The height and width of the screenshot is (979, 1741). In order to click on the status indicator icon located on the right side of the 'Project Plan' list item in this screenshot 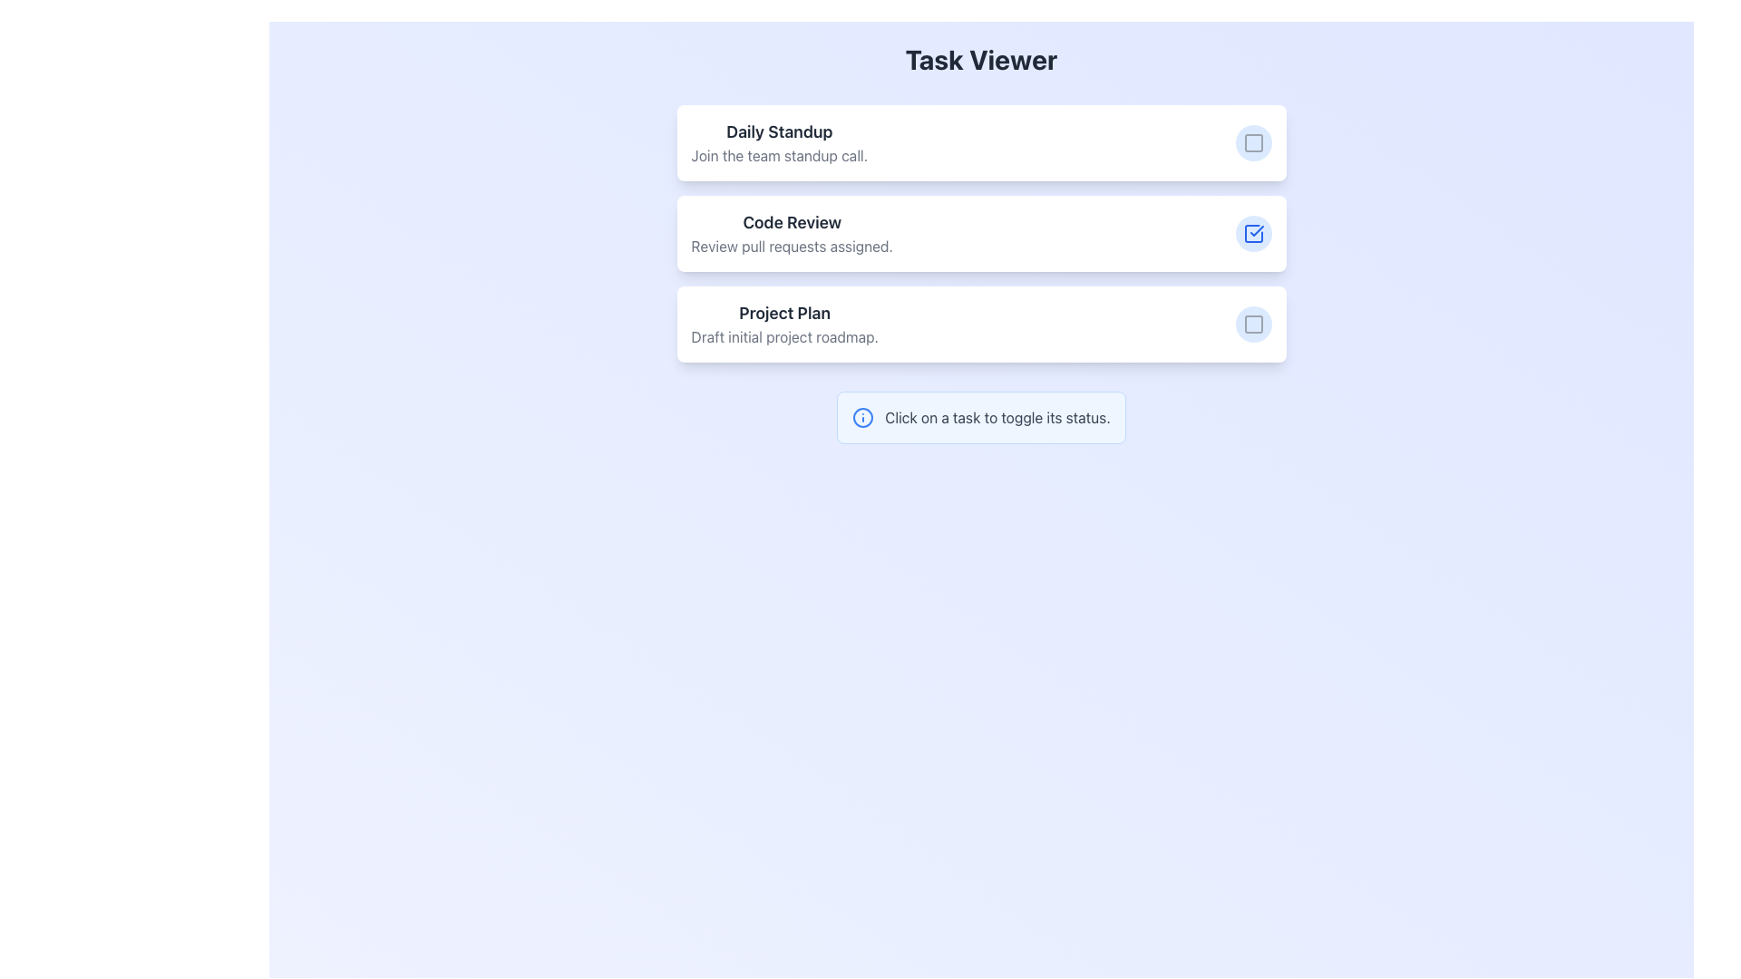, I will do `click(1252, 324)`.